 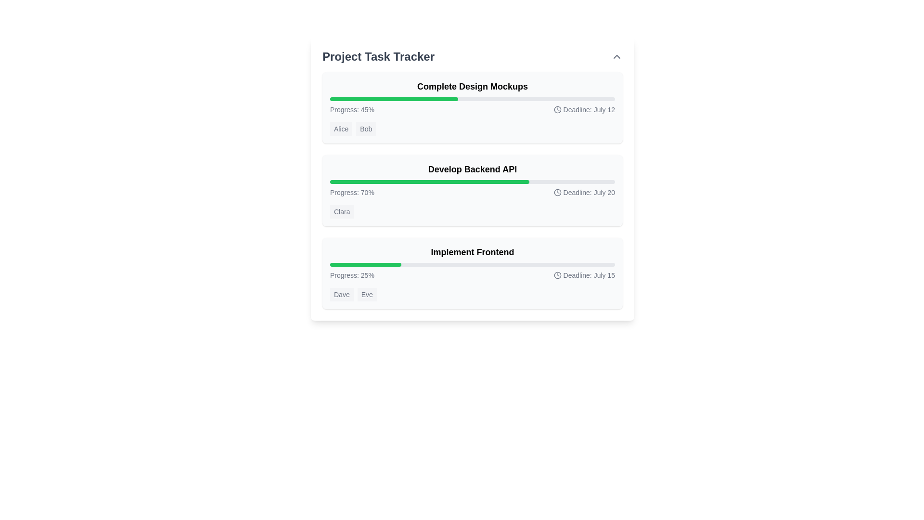 I want to click on the text heading element displaying 'Develop Backend API', which is the title of the card component located centrally at the top of the card, so click(x=473, y=169).